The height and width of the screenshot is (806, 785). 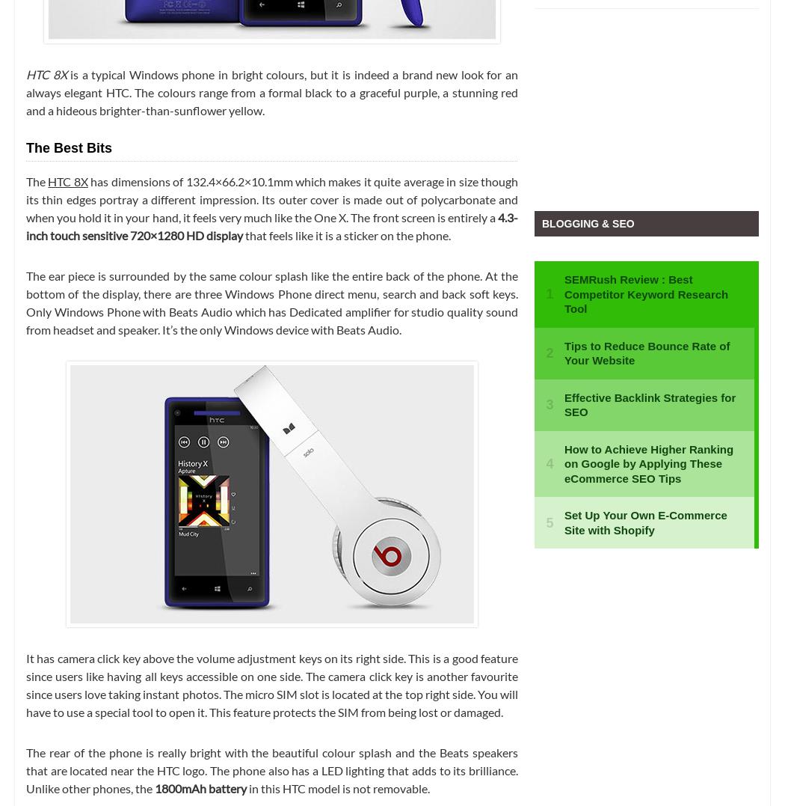 I want to click on 'that feels like it is a sticker on the phone.', so click(x=346, y=234).